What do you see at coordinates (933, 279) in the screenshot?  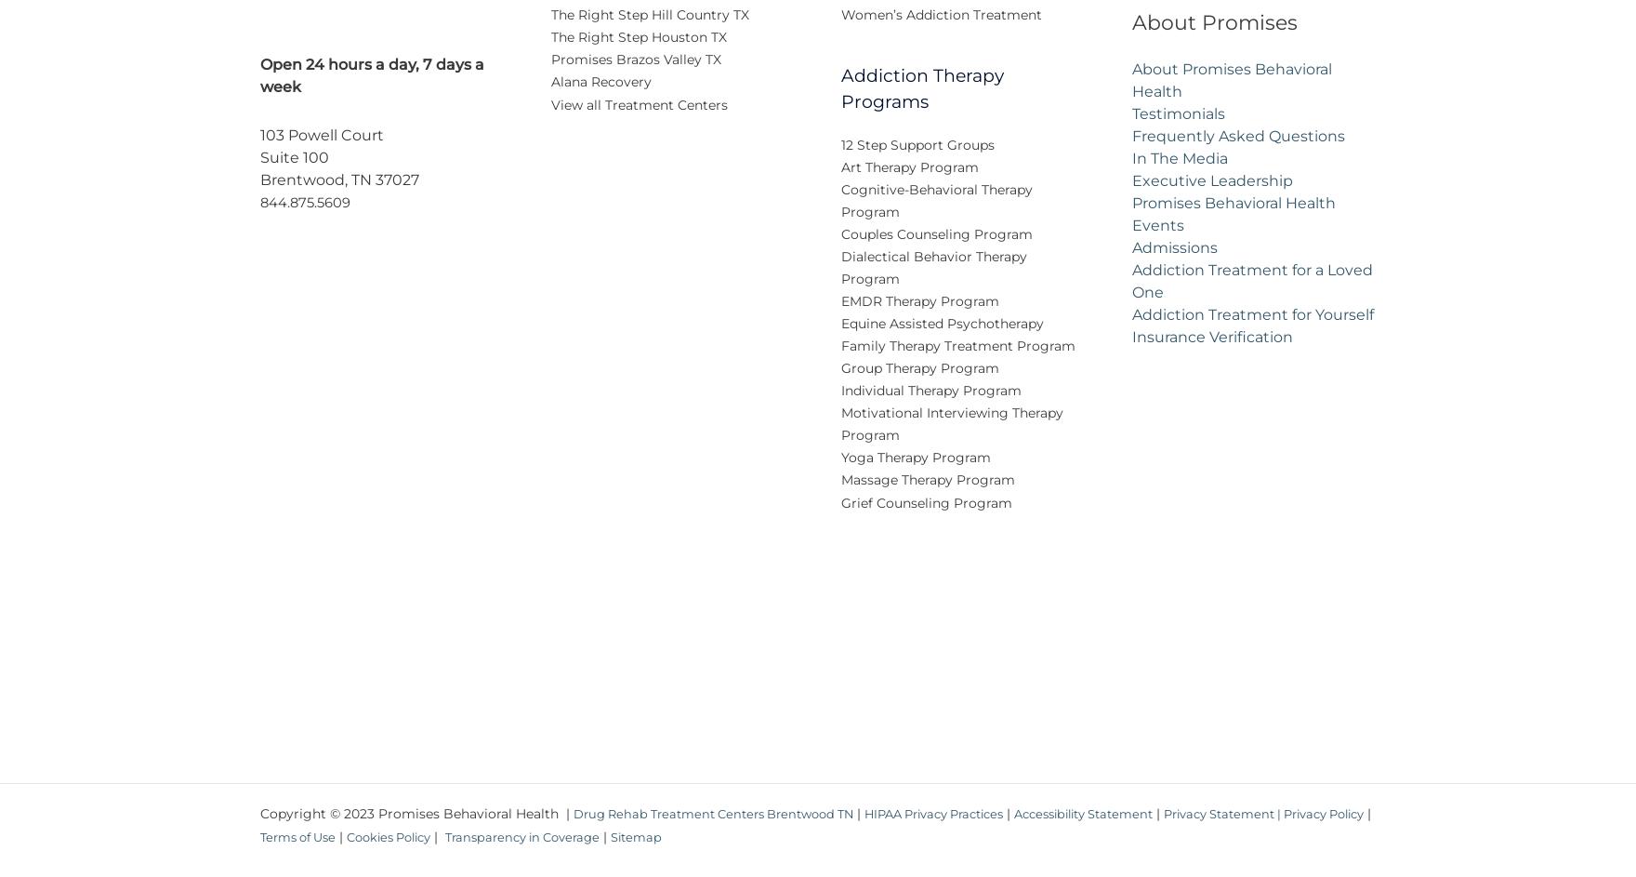 I see `'Dialectical Behavior Therapy Program'` at bounding box center [933, 279].